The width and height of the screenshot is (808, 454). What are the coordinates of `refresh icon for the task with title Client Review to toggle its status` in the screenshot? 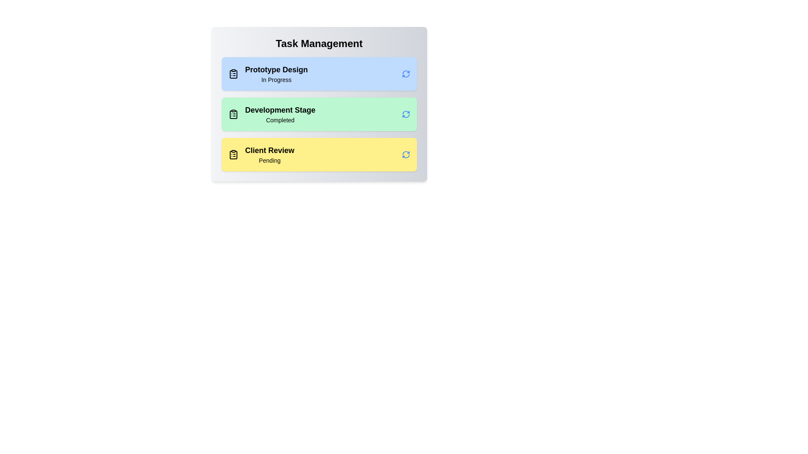 It's located at (406, 154).